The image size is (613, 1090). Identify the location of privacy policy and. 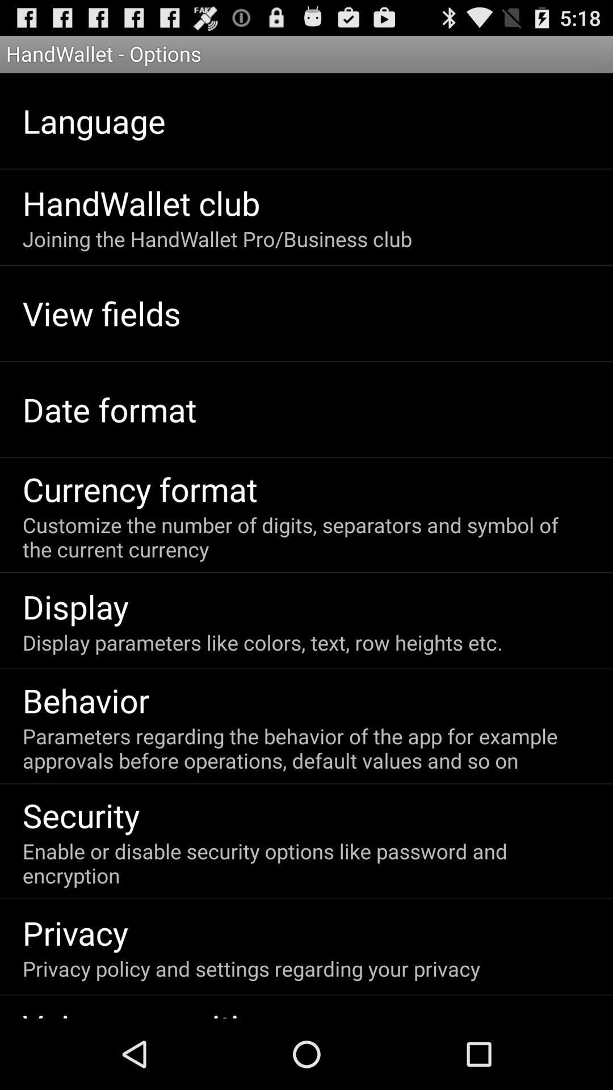
(250, 968).